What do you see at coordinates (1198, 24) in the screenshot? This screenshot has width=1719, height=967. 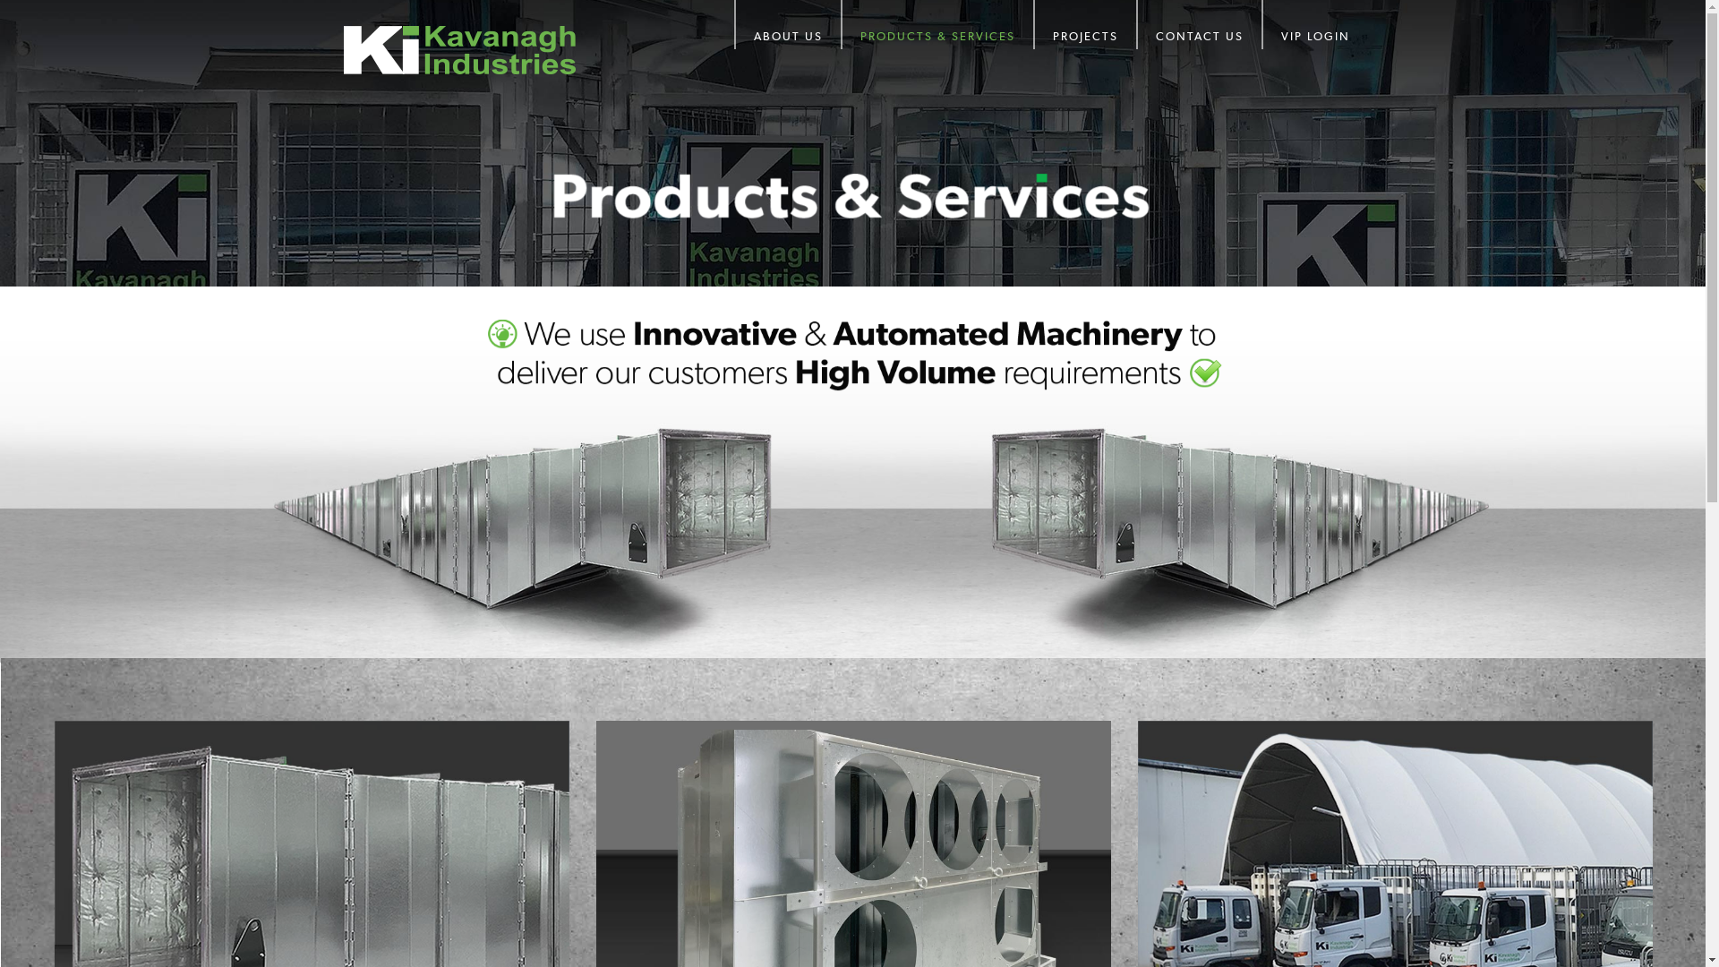 I see `'CONTACT US'` at bounding box center [1198, 24].